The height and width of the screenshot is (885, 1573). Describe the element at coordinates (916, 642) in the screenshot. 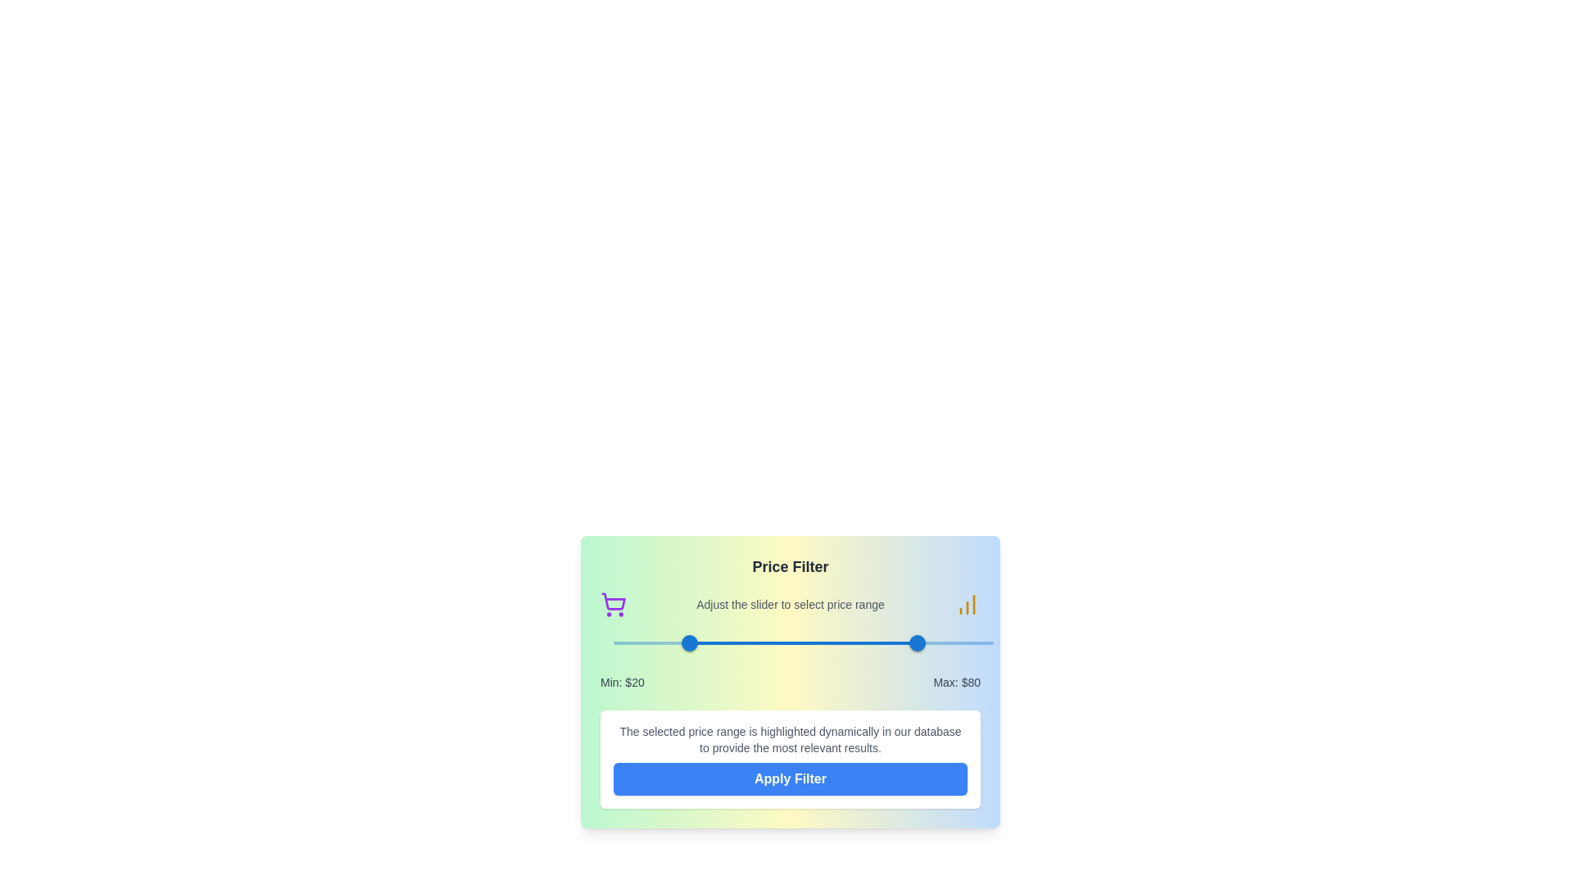

I see `and drag the second thumb of the horizontal slider located near the value '80' to adjust the slider value` at that location.